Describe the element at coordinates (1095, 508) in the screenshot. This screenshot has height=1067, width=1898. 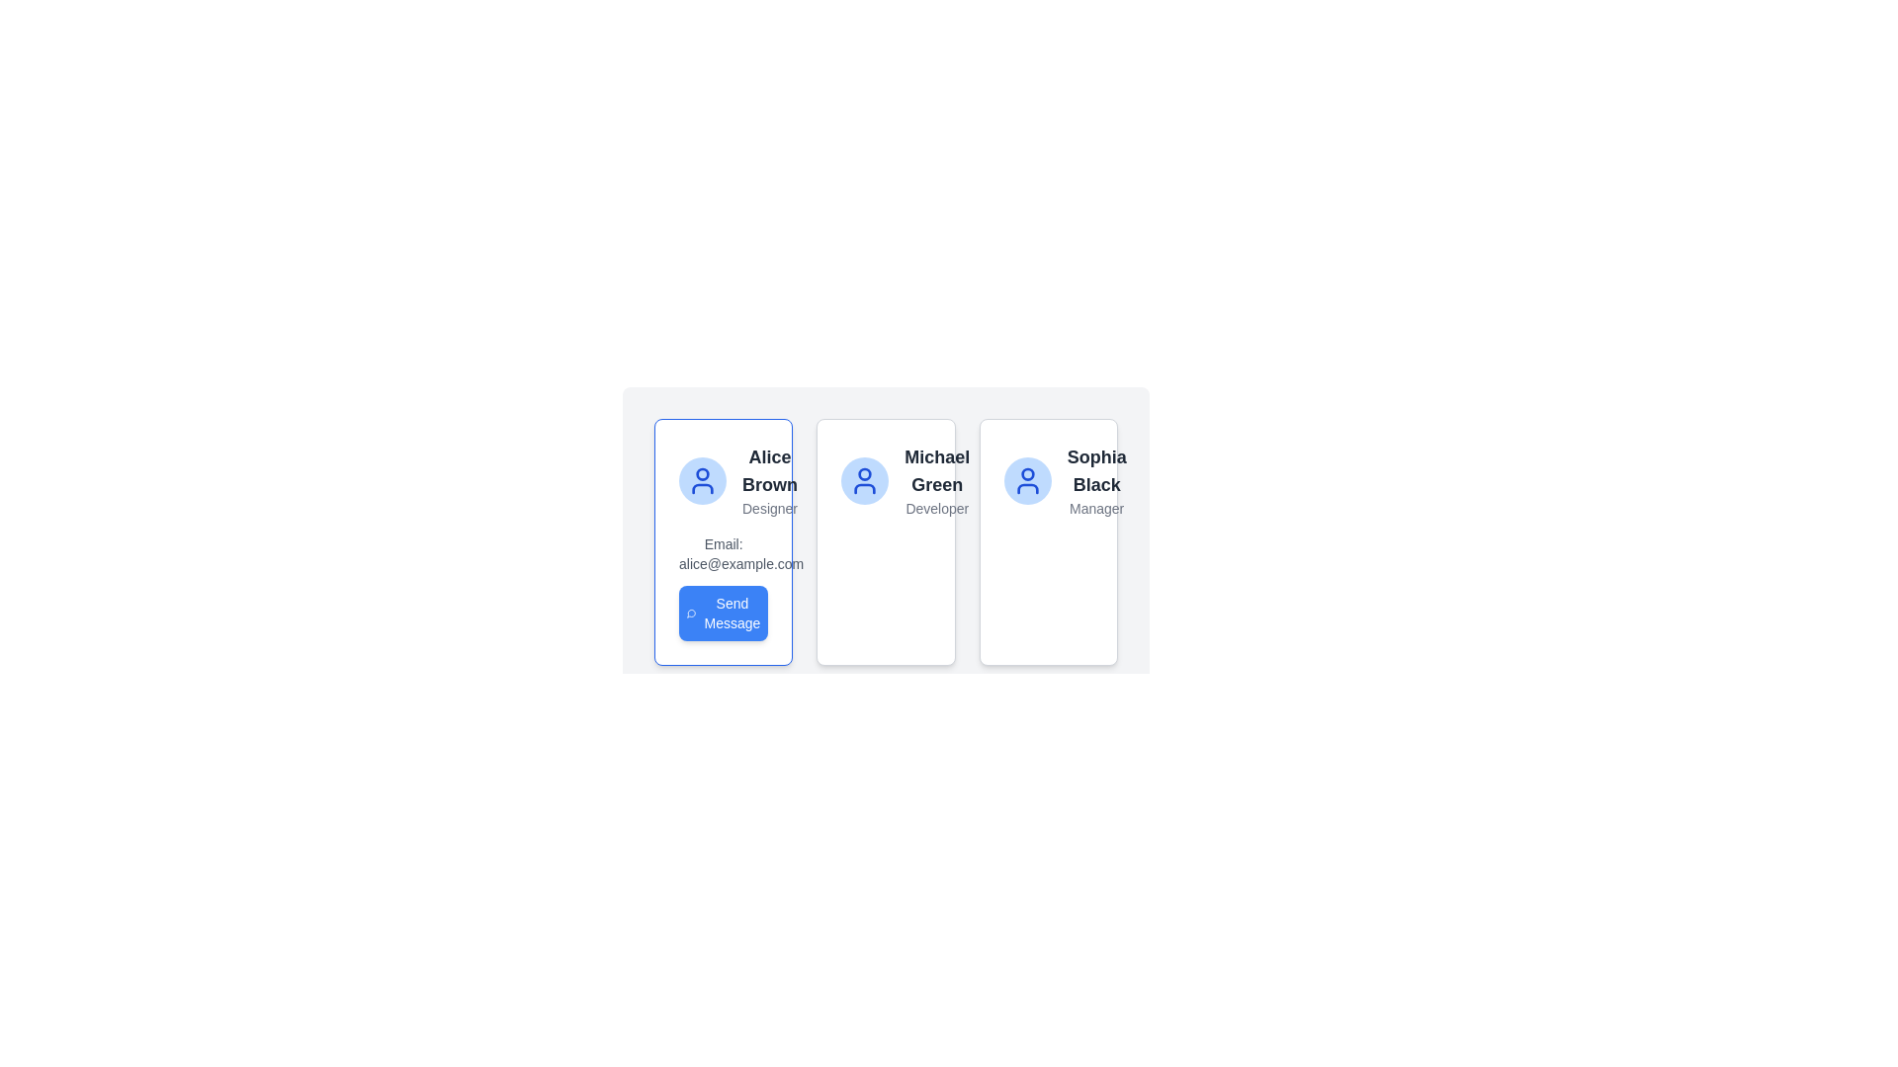
I see `the text label indicating the occupation 'Manager' for 'Sophia Black' located beneath the name within the user card` at that location.